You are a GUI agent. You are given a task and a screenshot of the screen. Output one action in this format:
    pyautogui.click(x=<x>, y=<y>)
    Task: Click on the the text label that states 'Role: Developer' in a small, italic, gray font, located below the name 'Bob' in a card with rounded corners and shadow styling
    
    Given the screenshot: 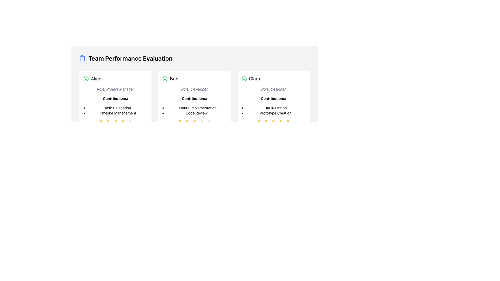 What is the action you would take?
    pyautogui.click(x=194, y=89)
    